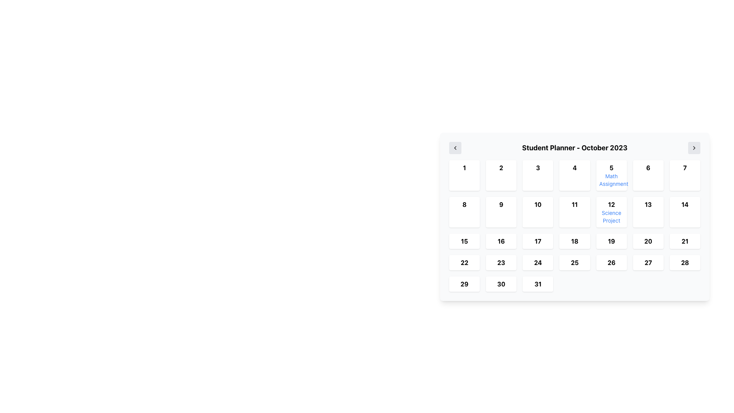  What do you see at coordinates (685, 204) in the screenshot?
I see `the bold black number '14' displayed within the white tile in the calendar layout` at bounding box center [685, 204].